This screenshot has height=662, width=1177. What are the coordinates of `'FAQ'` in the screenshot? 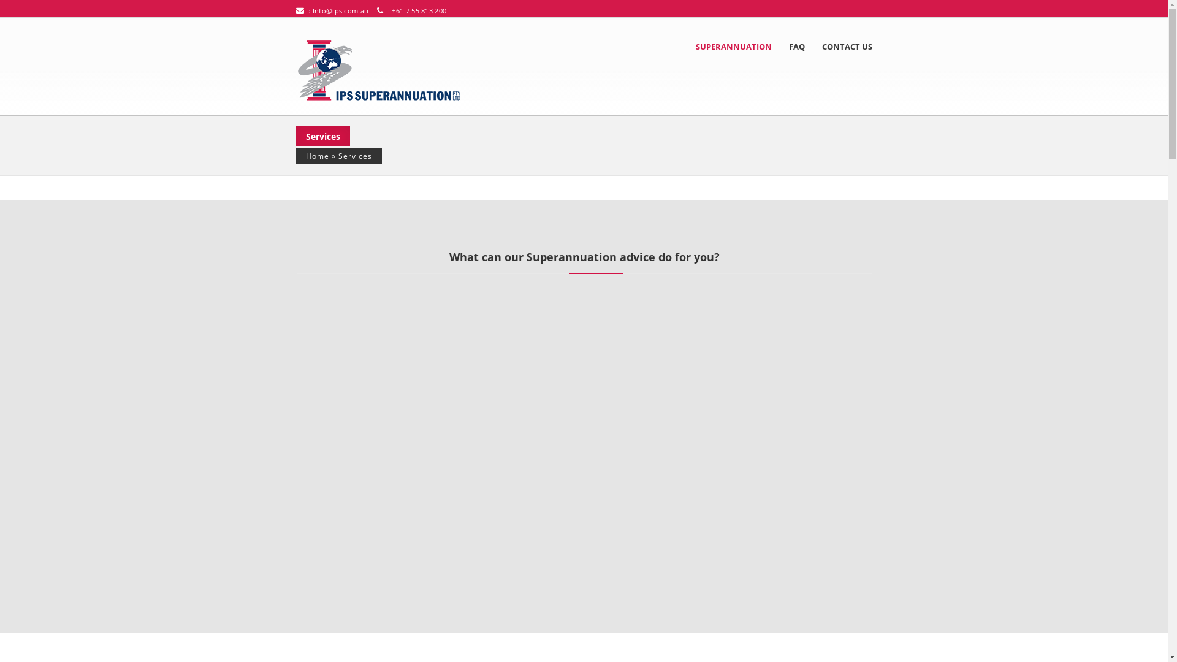 It's located at (796, 46).